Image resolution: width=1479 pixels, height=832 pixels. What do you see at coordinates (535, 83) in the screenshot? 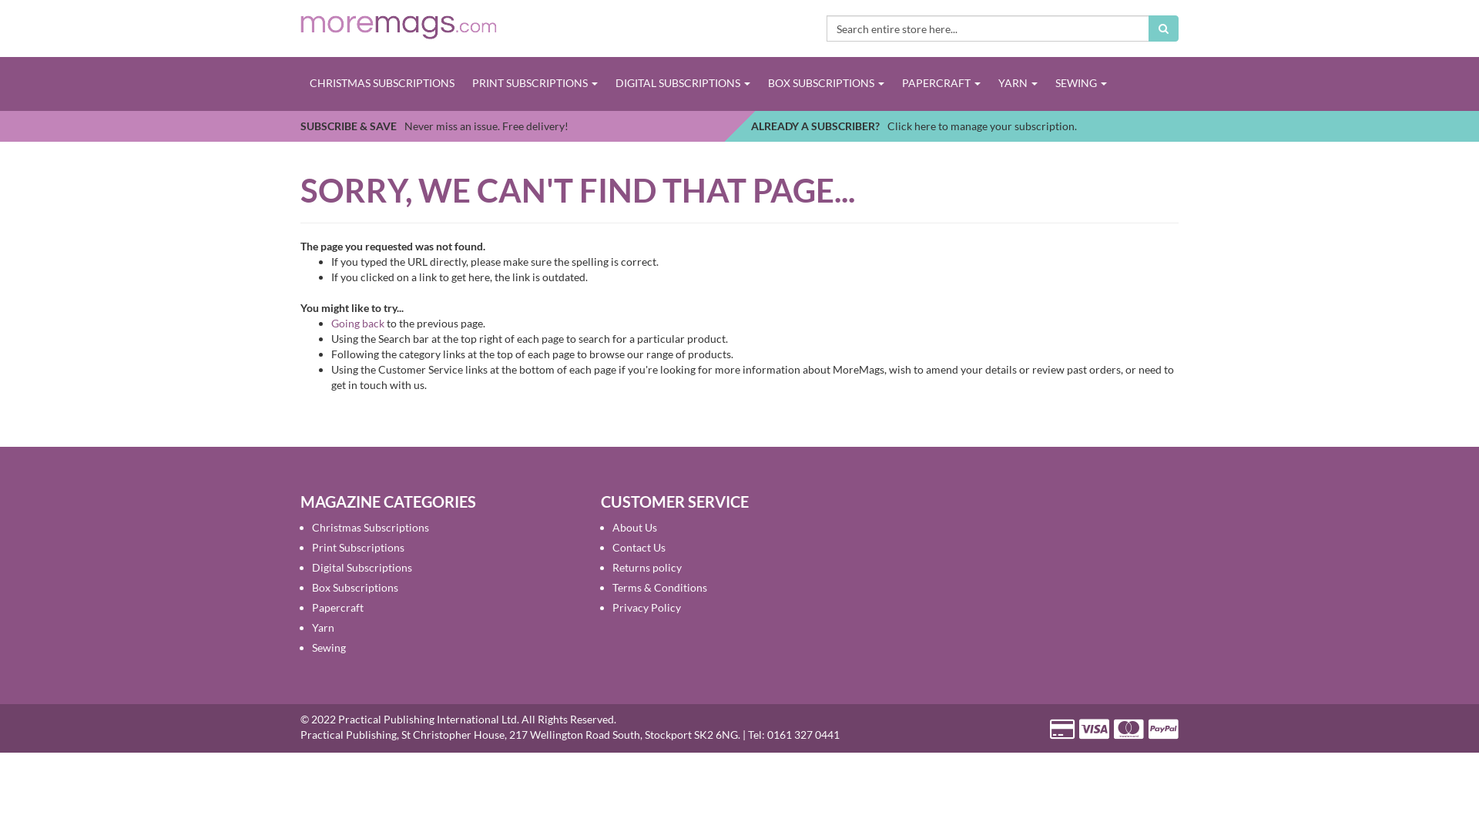
I see `'PRINT SUBSCRIPTIONS'` at bounding box center [535, 83].